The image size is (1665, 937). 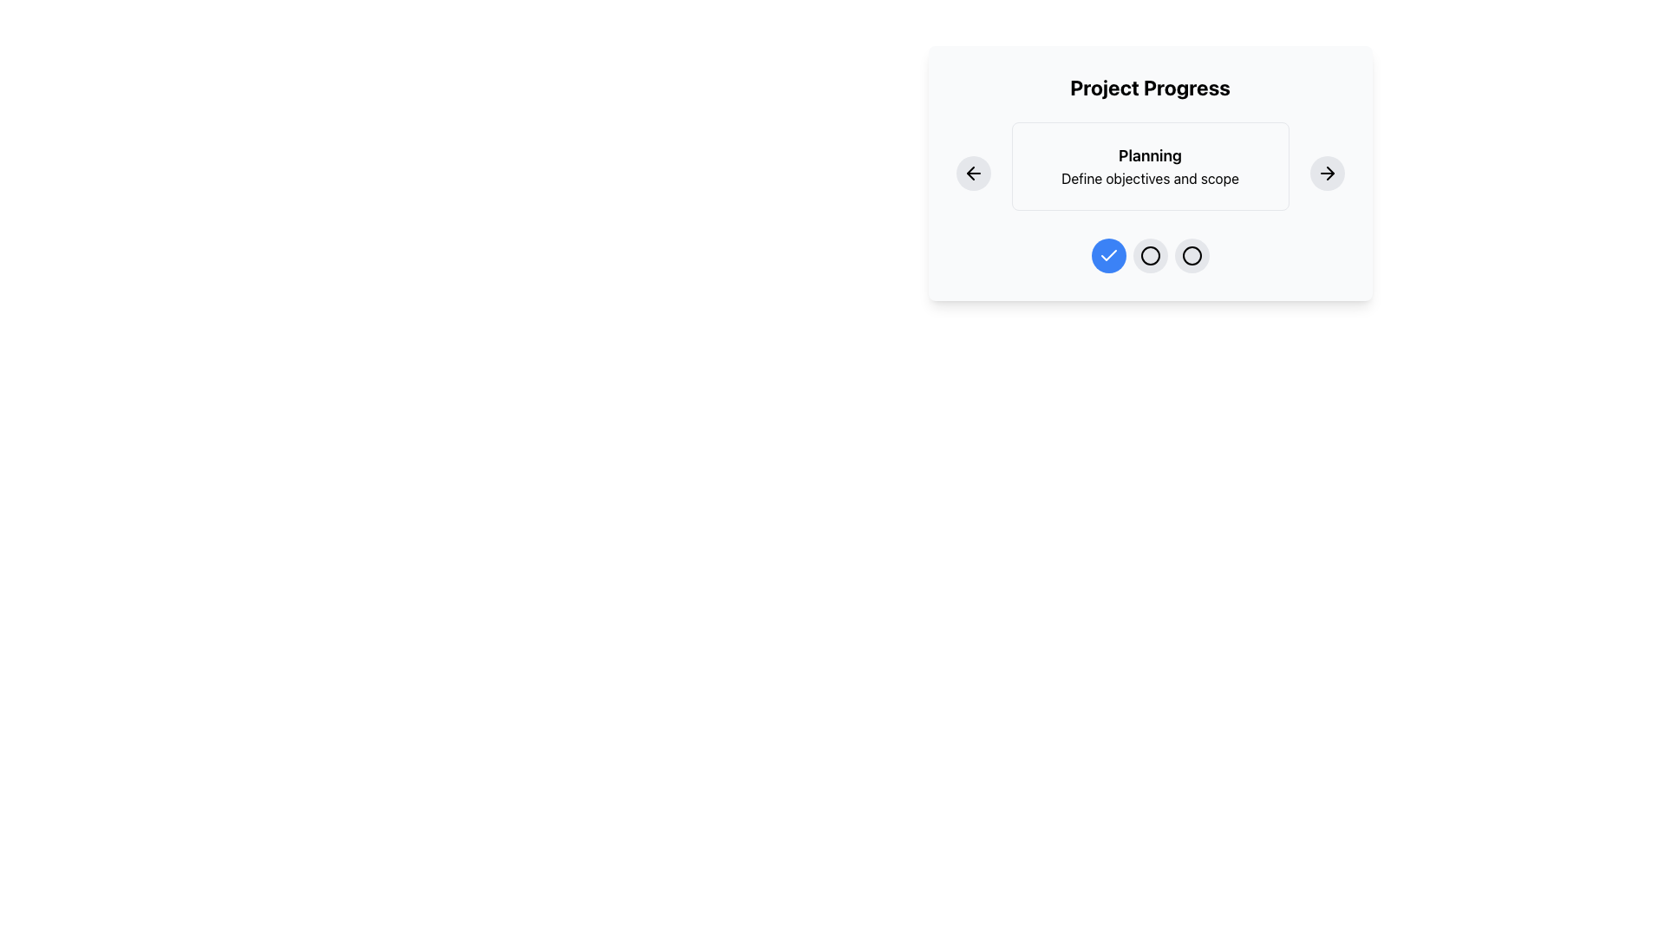 What do you see at coordinates (1150, 255) in the screenshot?
I see `the circular graphical indicator with a thin black border located in the middle part of the progress interface, below the 'Planning' label in the 'Project Progress' section` at bounding box center [1150, 255].